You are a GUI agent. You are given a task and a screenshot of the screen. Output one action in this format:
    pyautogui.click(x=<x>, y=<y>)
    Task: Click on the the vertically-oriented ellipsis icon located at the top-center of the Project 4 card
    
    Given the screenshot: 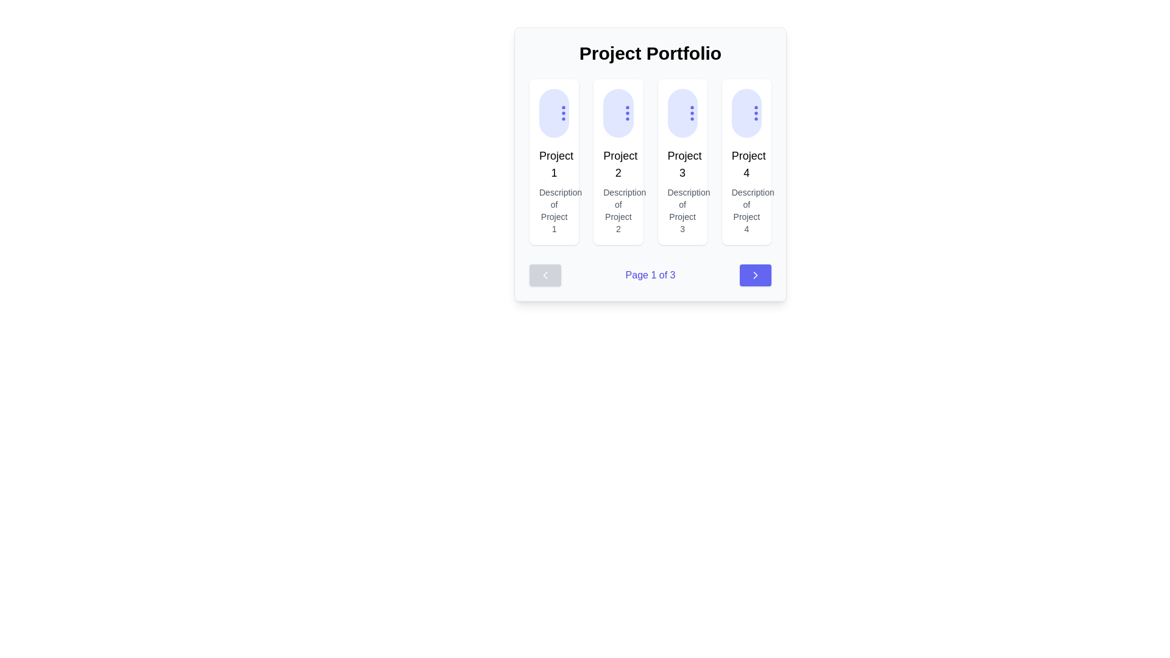 What is the action you would take?
    pyautogui.click(x=755, y=113)
    